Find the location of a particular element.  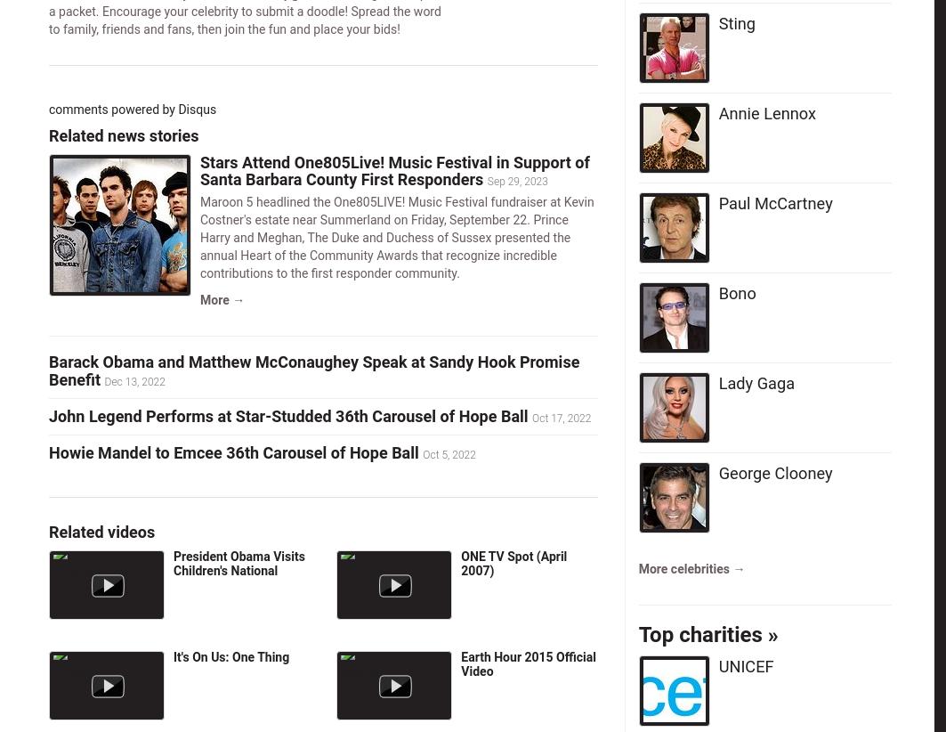

'UNICEF' is located at coordinates (744, 665).